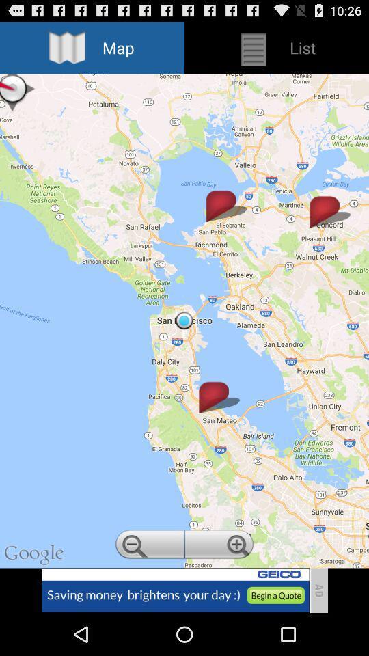  What do you see at coordinates (148, 546) in the screenshot?
I see `zoom` at bounding box center [148, 546].